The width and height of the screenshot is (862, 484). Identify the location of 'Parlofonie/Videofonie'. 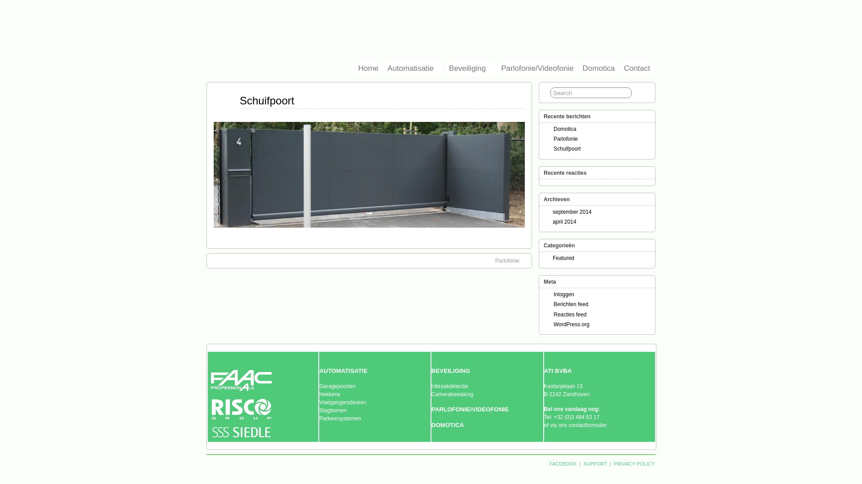
(537, 67).